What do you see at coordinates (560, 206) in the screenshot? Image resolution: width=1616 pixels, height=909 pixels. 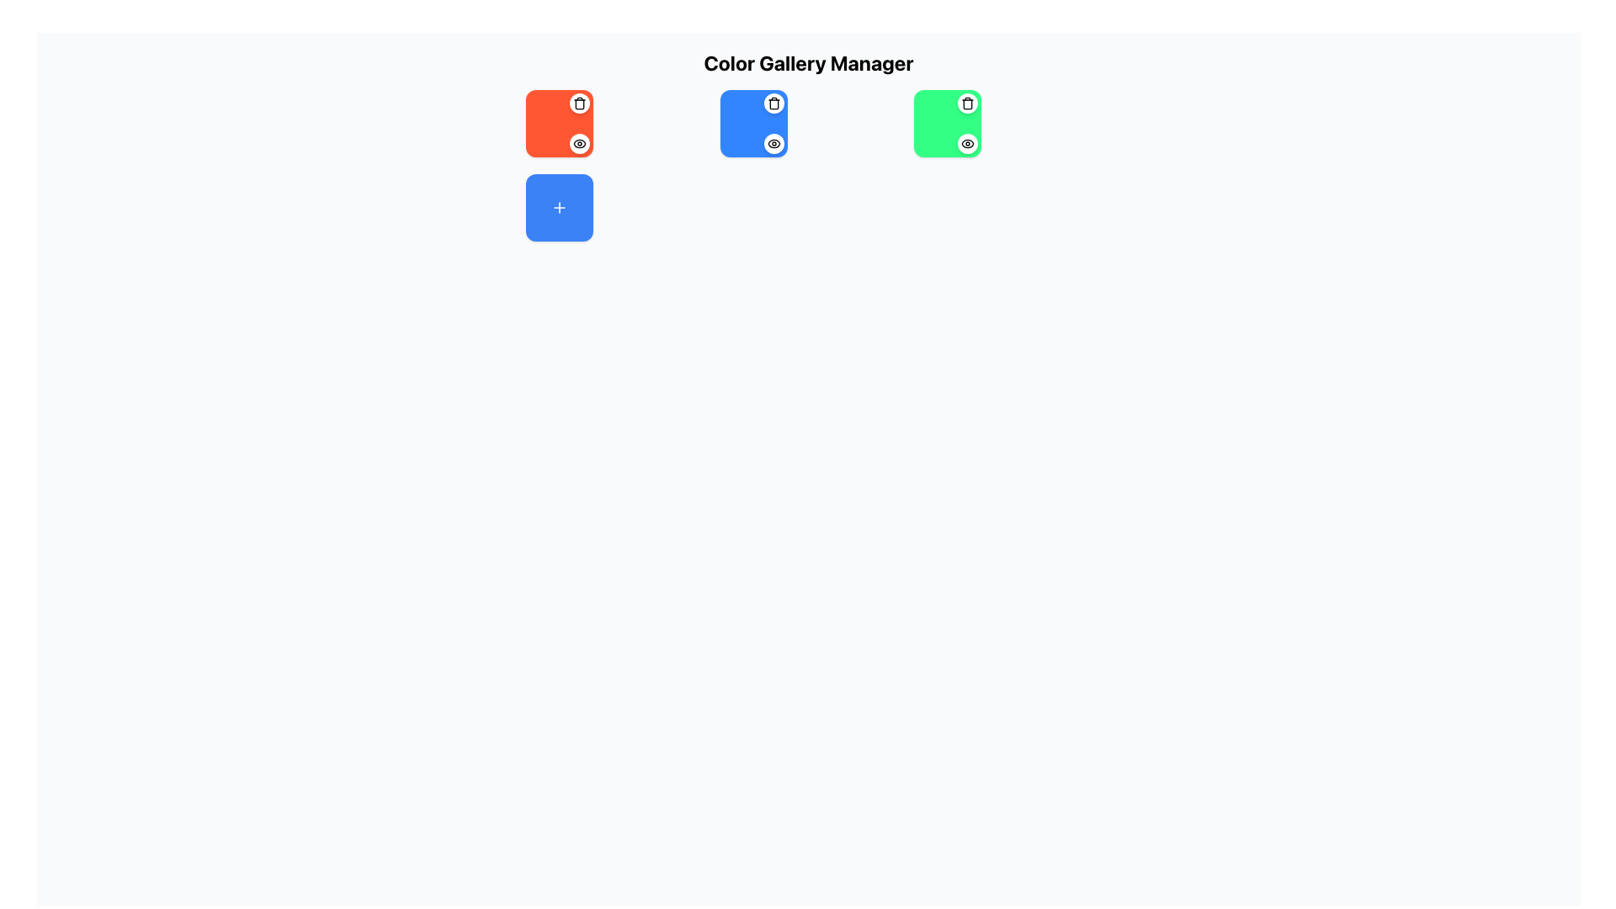 I see `the action button located at the bottom-left position of the three-column layout, which features a '+' symbol for adding or creating new items` at bounding box center [560, 206].